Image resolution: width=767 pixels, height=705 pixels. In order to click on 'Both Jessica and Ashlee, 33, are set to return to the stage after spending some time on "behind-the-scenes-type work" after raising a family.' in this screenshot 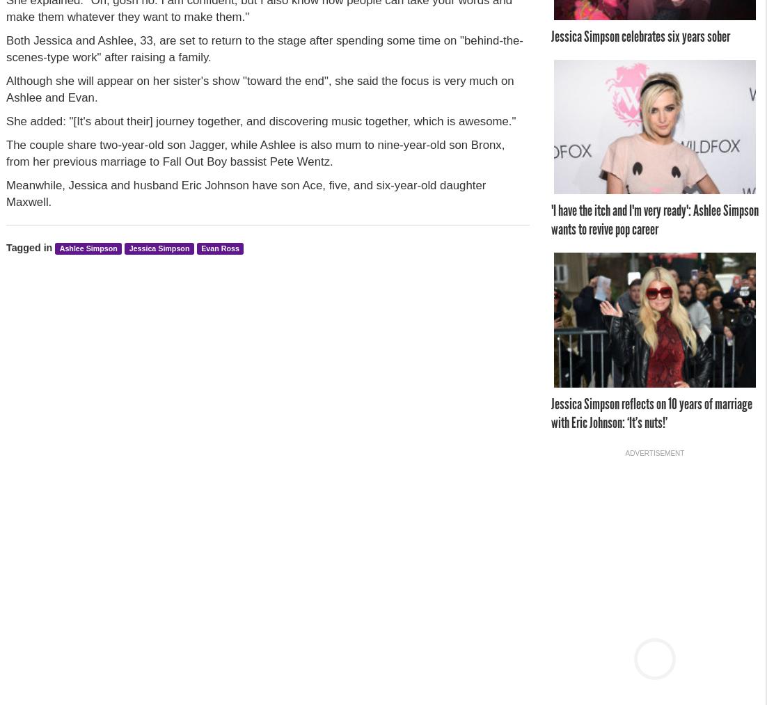, I will do `click(263, 47)`.